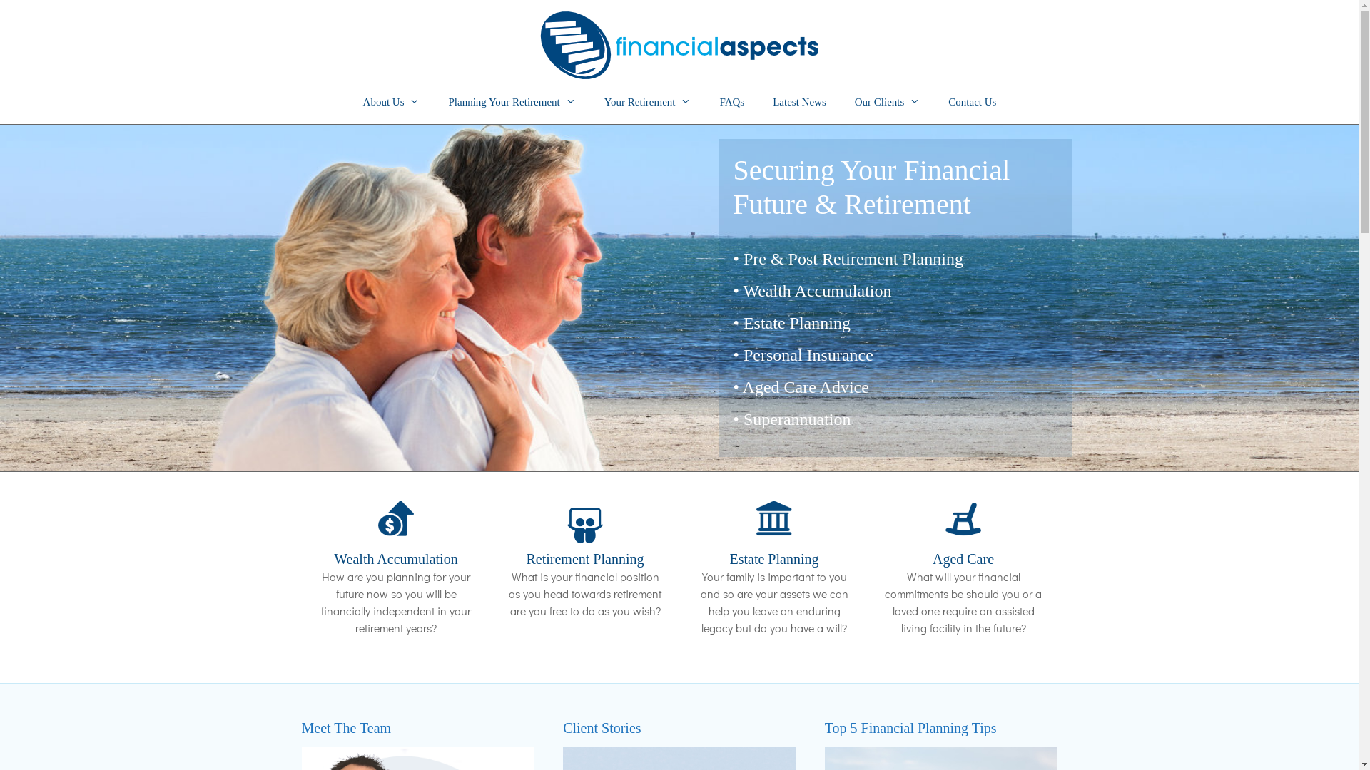  Describe the element at coordinates (731, 101) in the screenshot. I see `'FAQs'` at that location.